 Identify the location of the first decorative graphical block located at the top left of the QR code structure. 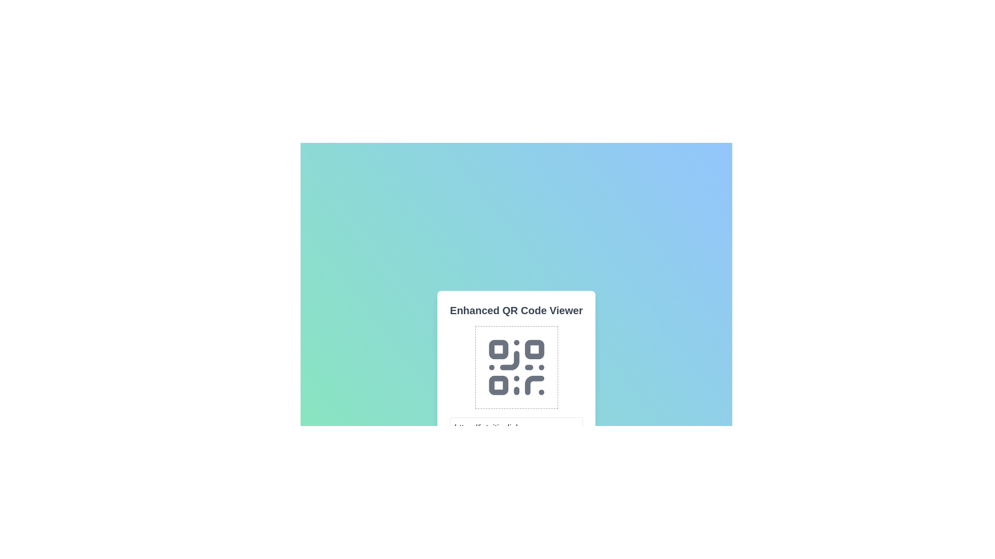
(498, 349).